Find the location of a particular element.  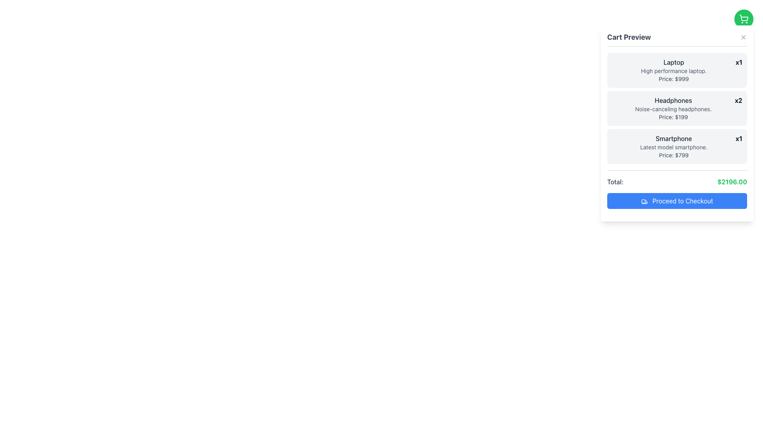

text from the hierarchical text block titled 'Headphones' located in the cart preview, which includes the subtext 'Noise-canceling headphones.' and the price detail 'Price: $199' is located at coordinates (673, 108).